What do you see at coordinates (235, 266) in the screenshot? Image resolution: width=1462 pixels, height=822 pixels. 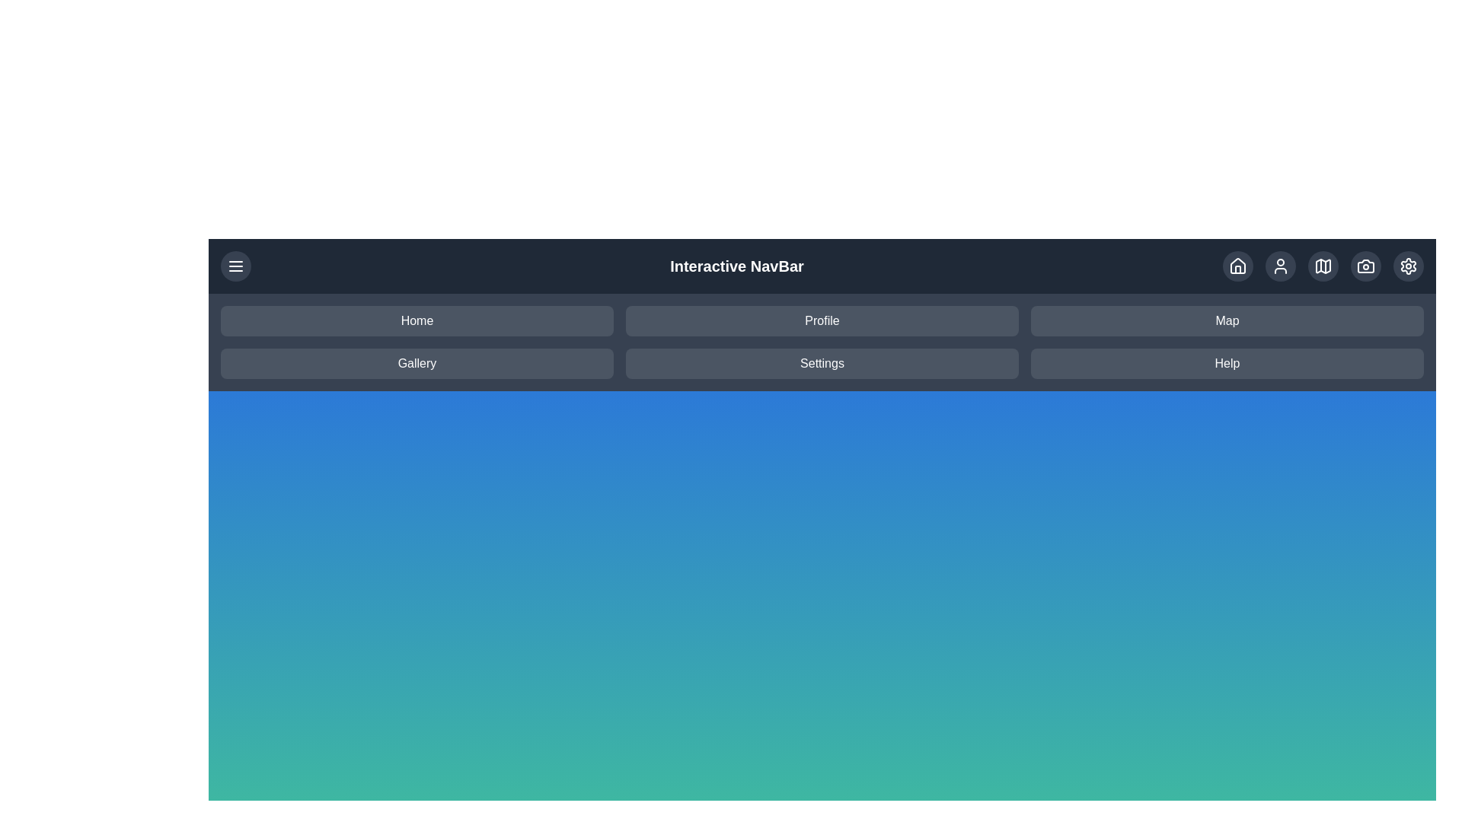 I see `the menu button to toggle the menu open or closed` at bounding box center [235, 266].